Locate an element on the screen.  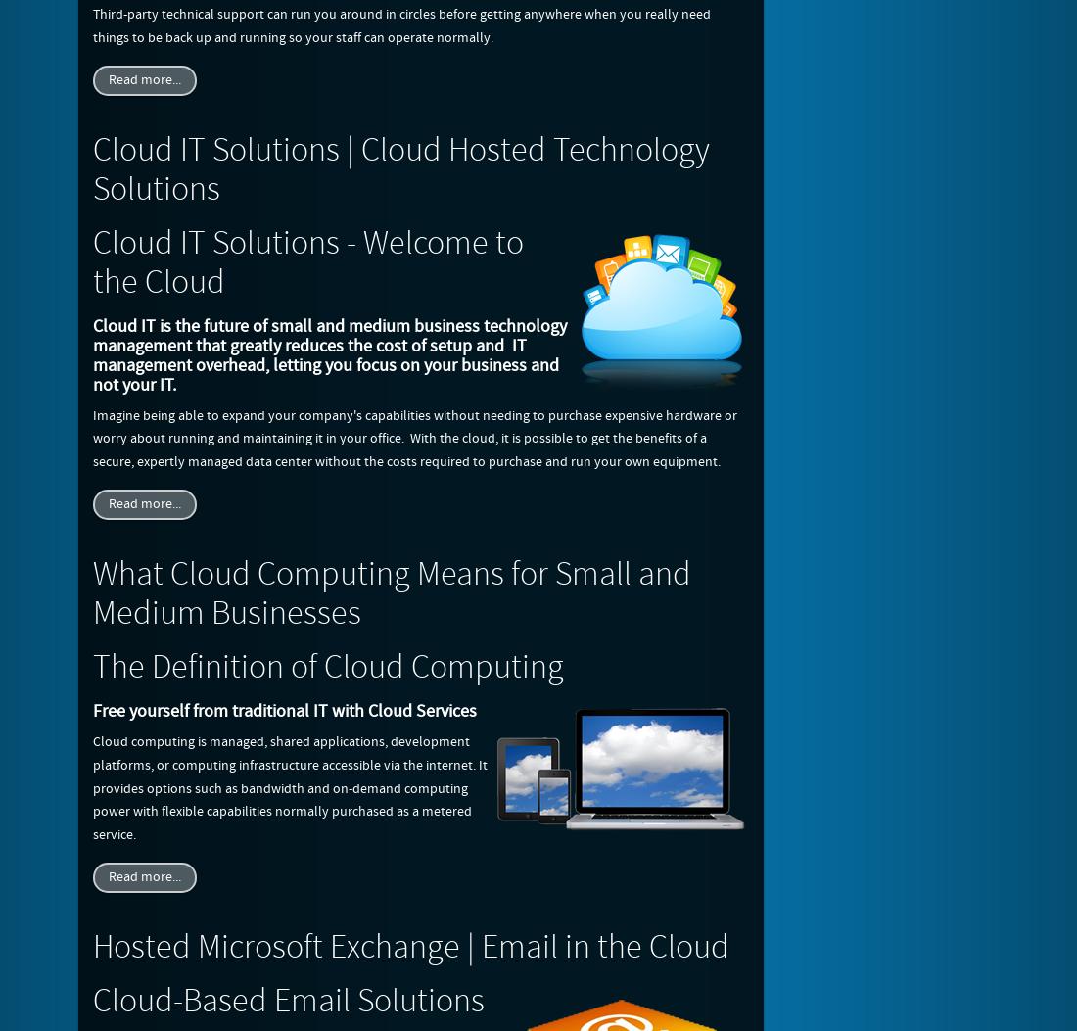
'Imagine being able to expand your company's capabilities without needing to purchase expensive hardware or worry about running and maintaining it in your office.  With the cloud, it is possible to get the benefits of a secure, expertly managed data center without the costs required to purchase and run your own equipment.' is located at coordinates (93, 438).